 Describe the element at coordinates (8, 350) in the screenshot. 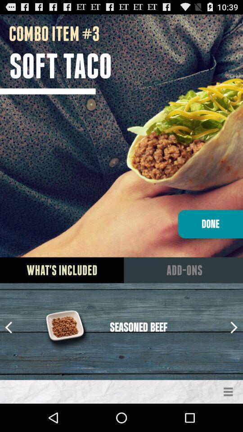

I see `the arrow_backward icon` at that location.